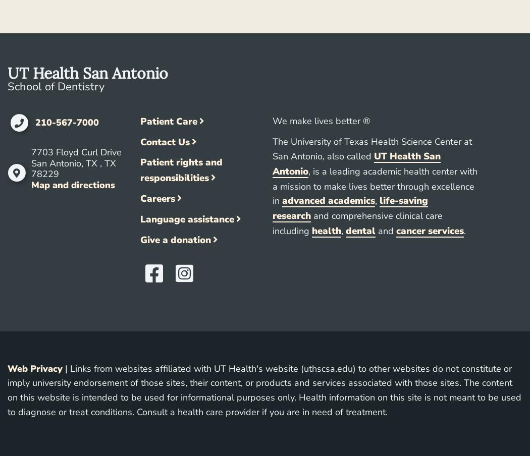 The image size is (530, 456). What do you see at coordinates (263, 390) in the screenshot?
I see `'| Links from websites affiliated with UT Health's website (uthscsa.edu) to other websites do not constitute or imply university endorsement of those sites, their content, or products and services associated with those sites. The content on this website is intended to be used for informational purposes only. Health information on this site is not meant to be used to diagnose or treat conditions. Consult a health care provider if you are in need of treatment.'` at bounding box center [263, 390].